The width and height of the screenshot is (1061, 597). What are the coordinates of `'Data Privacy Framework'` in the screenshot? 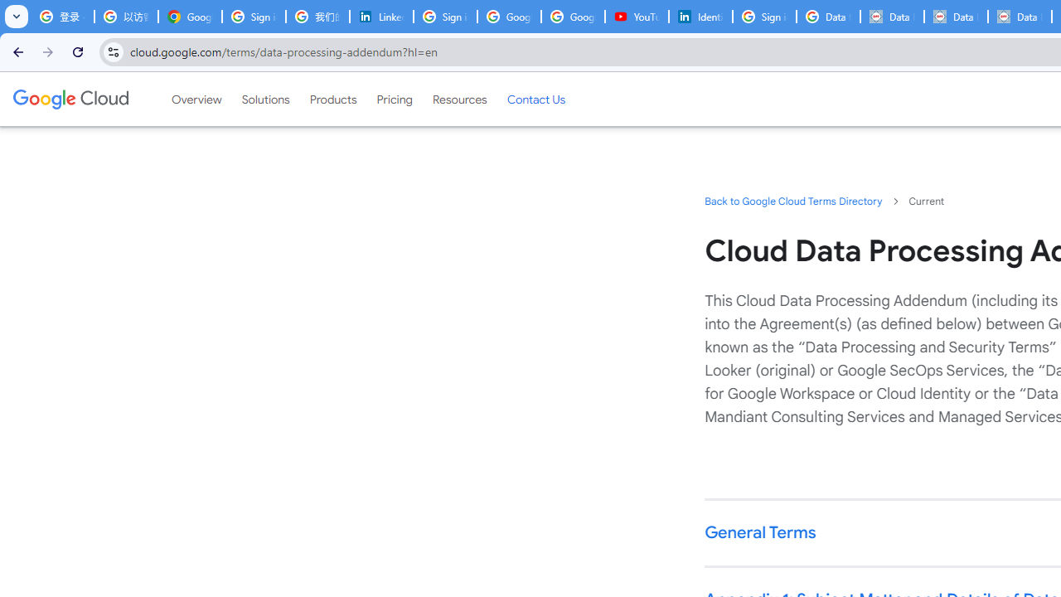 It's located at (956, 17).